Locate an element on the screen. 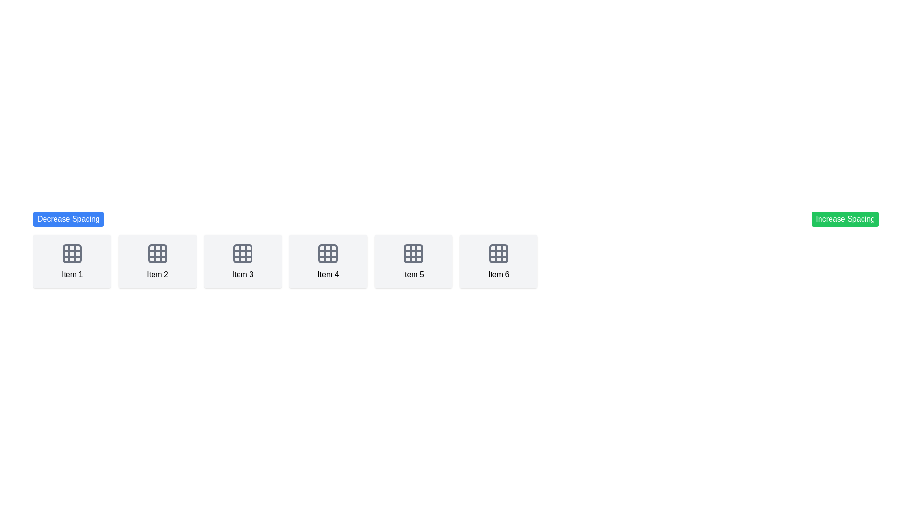 This screenshot has height=516, width=918. the 'Item 2' button-like component, which features a grid icon and a label is located at coordinates (157, 261).